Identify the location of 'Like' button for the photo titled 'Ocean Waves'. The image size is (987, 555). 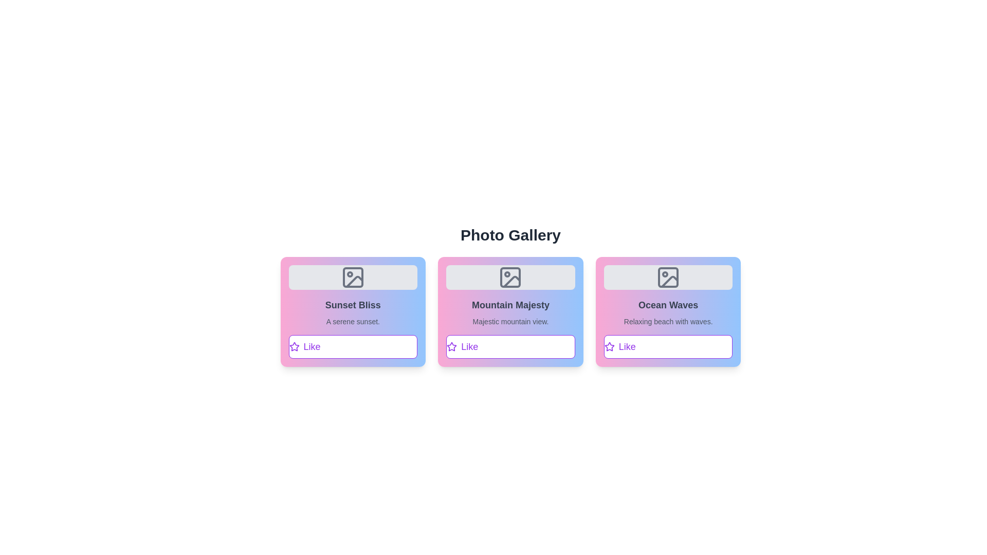
(668, 347).